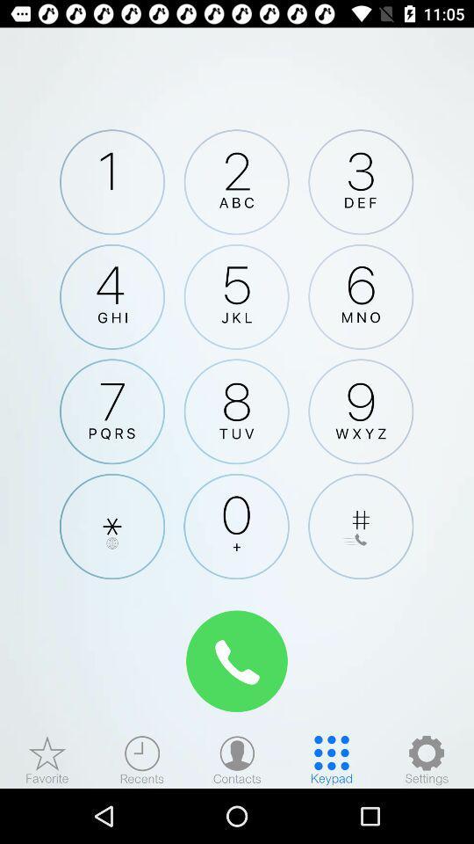 This screenshot has width=474, height=844. I want to click on the avatar icon, so click(237, 759).